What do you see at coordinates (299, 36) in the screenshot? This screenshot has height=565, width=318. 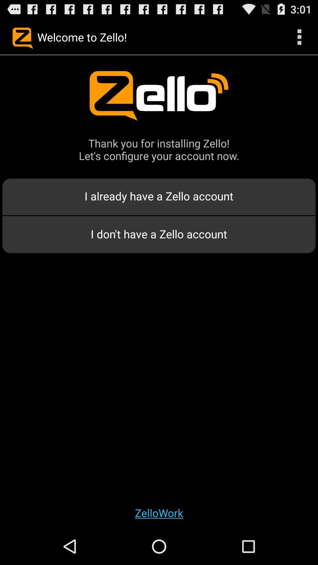 I see `the item at the top right corner` at bounding box center [299, 36].